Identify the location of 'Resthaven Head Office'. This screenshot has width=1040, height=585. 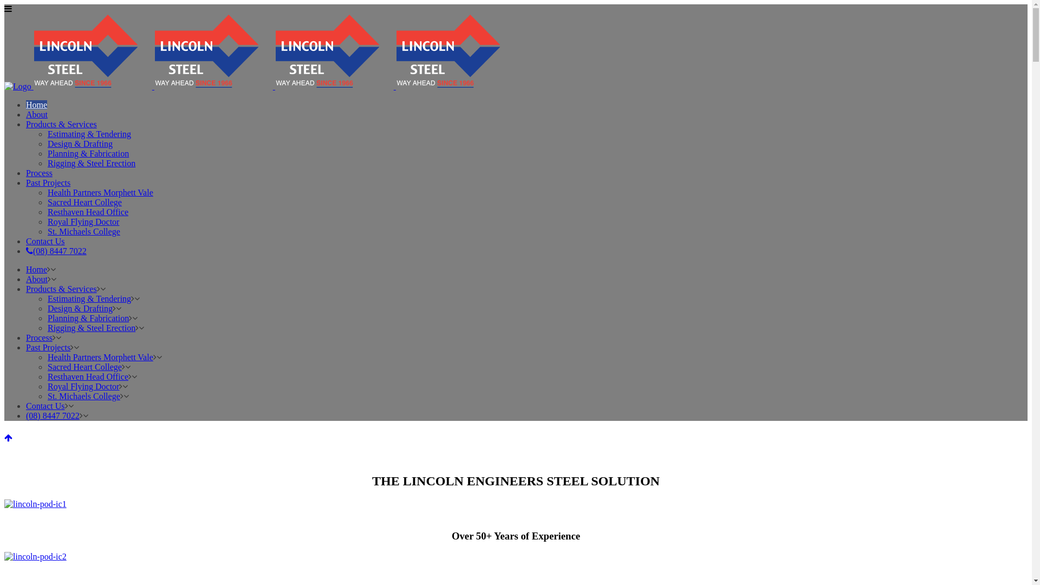
(88, 212).